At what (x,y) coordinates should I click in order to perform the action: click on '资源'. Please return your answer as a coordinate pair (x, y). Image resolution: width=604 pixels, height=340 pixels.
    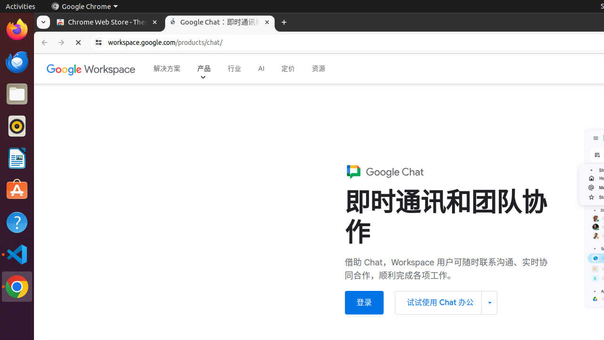
    Looking at the image, I should click on (319, 68).